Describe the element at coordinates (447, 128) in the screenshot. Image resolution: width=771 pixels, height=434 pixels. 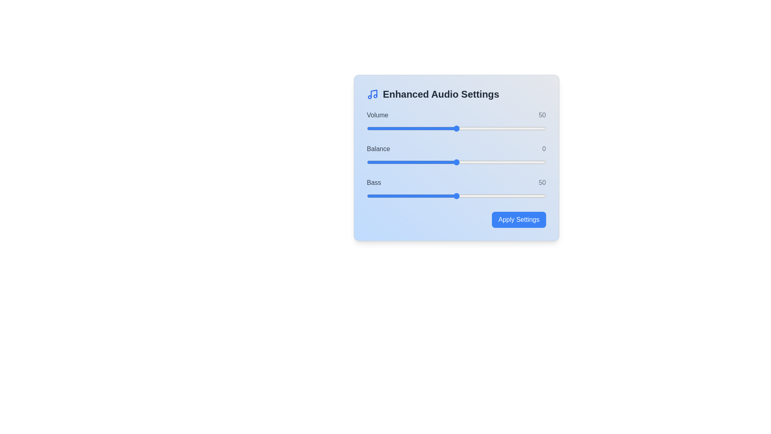
I see `the volume slider to 45 percent` at that location.